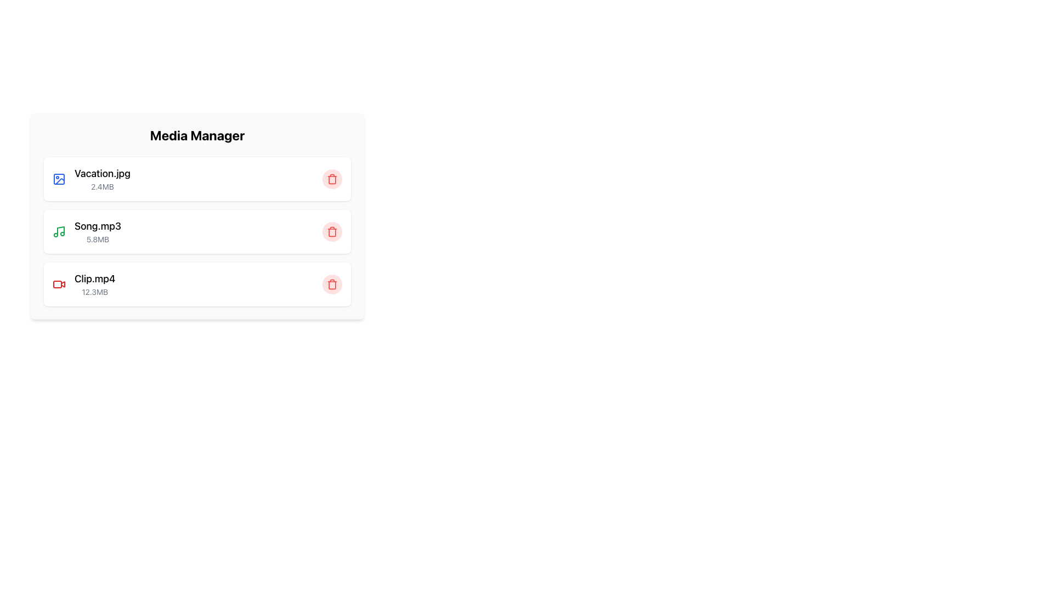  What do you see at coordinates (63, 283) in the screenshot?
I see `the small red video camera icon associated with the 'Clip.mp4' entry in the media manager section` at bounding box center [63, 283].